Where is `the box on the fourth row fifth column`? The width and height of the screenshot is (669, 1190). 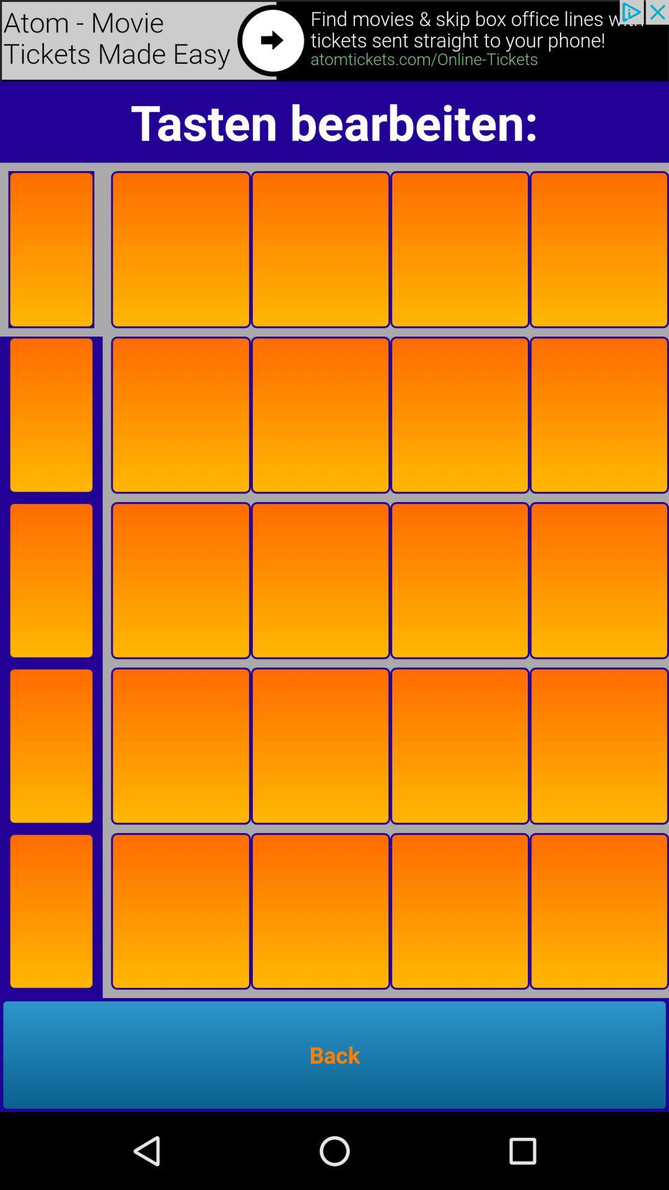
the box on the fourth row fifth column is located at coordinates (598, 746).